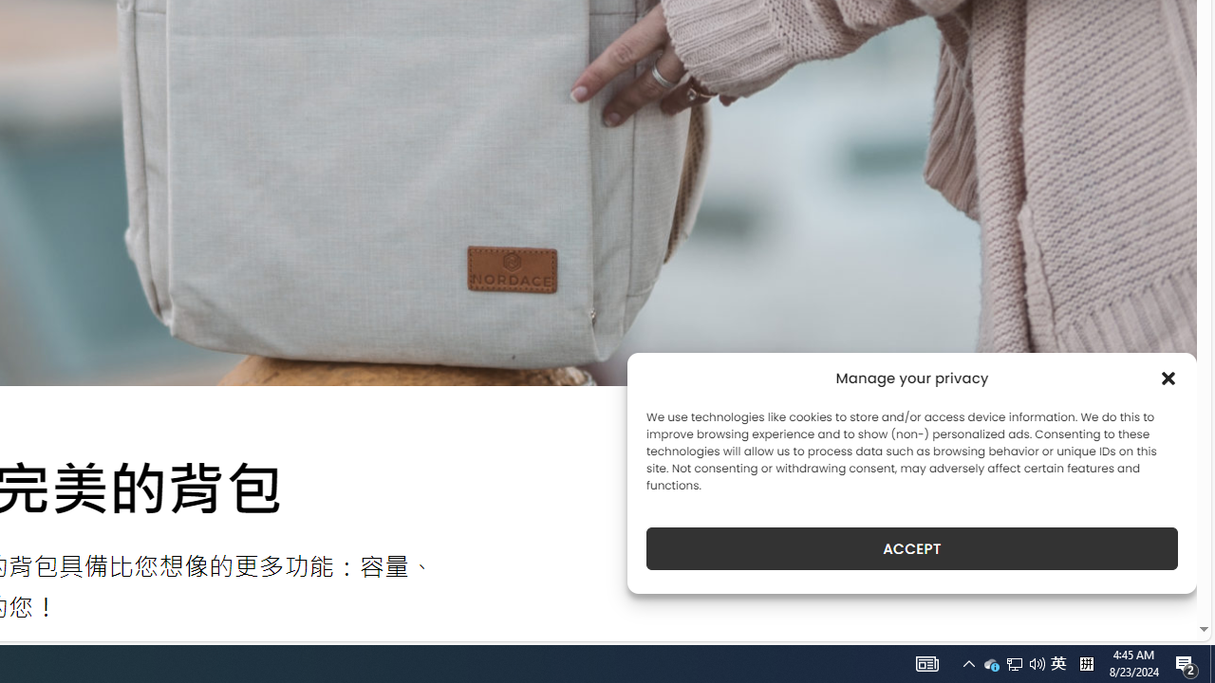  Describe the element at coordinates (912, 548) in the screenshot. I see `'ACCEPT'` at that location.